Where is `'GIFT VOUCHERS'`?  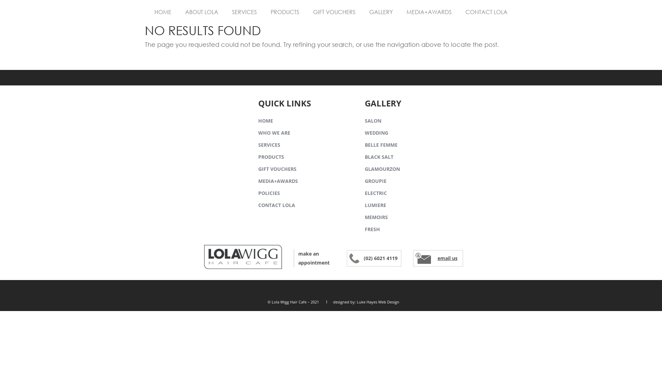 'GIFT VOUCHERS' is located at coordinates (277, 169).